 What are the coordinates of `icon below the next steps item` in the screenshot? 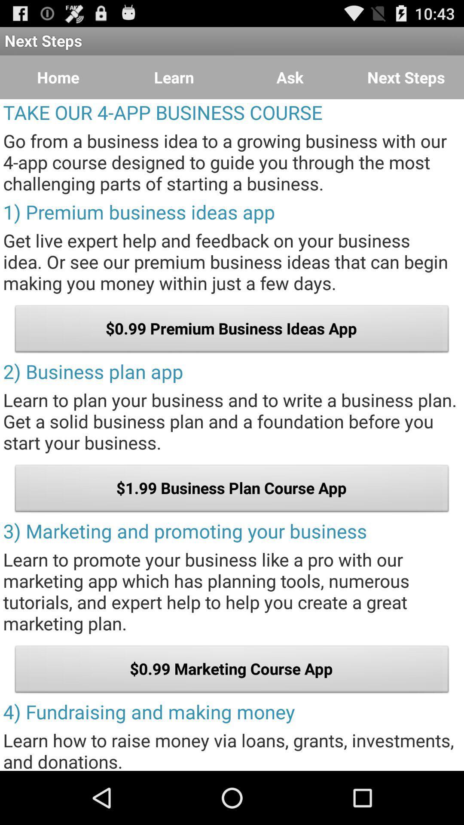 It's located at (58, 77).